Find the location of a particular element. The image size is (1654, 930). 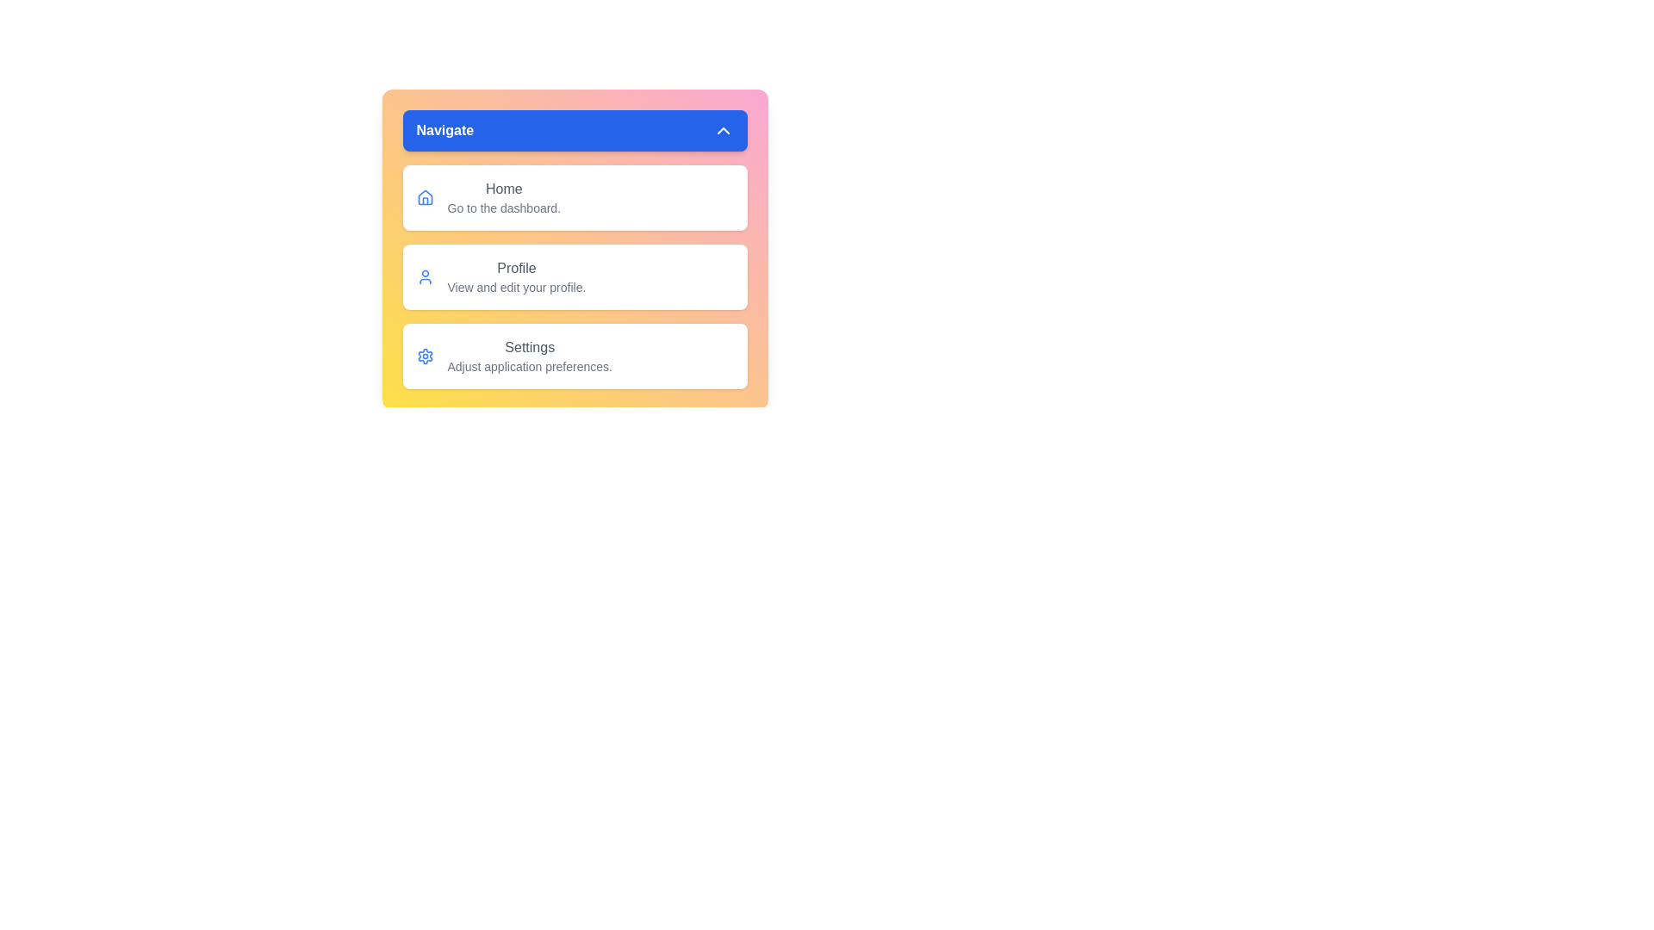

the menu item Home from the visible options is located at coordinates (575, 197).